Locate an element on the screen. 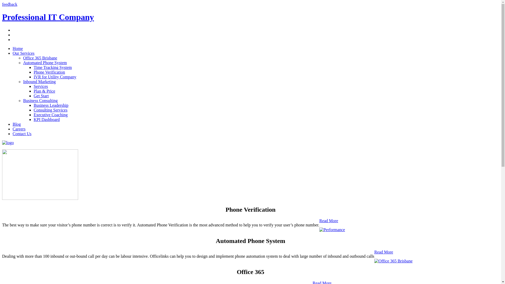 This screenshot has height=284, width=505. 'KPI Dashboard' is located at coordinates (47, 119).